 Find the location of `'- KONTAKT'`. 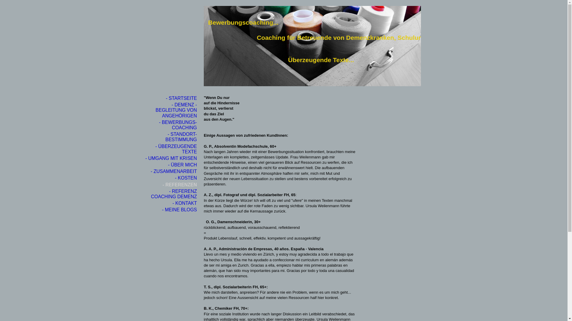

'- KONTAKT' is located at coordinates (171, 203).